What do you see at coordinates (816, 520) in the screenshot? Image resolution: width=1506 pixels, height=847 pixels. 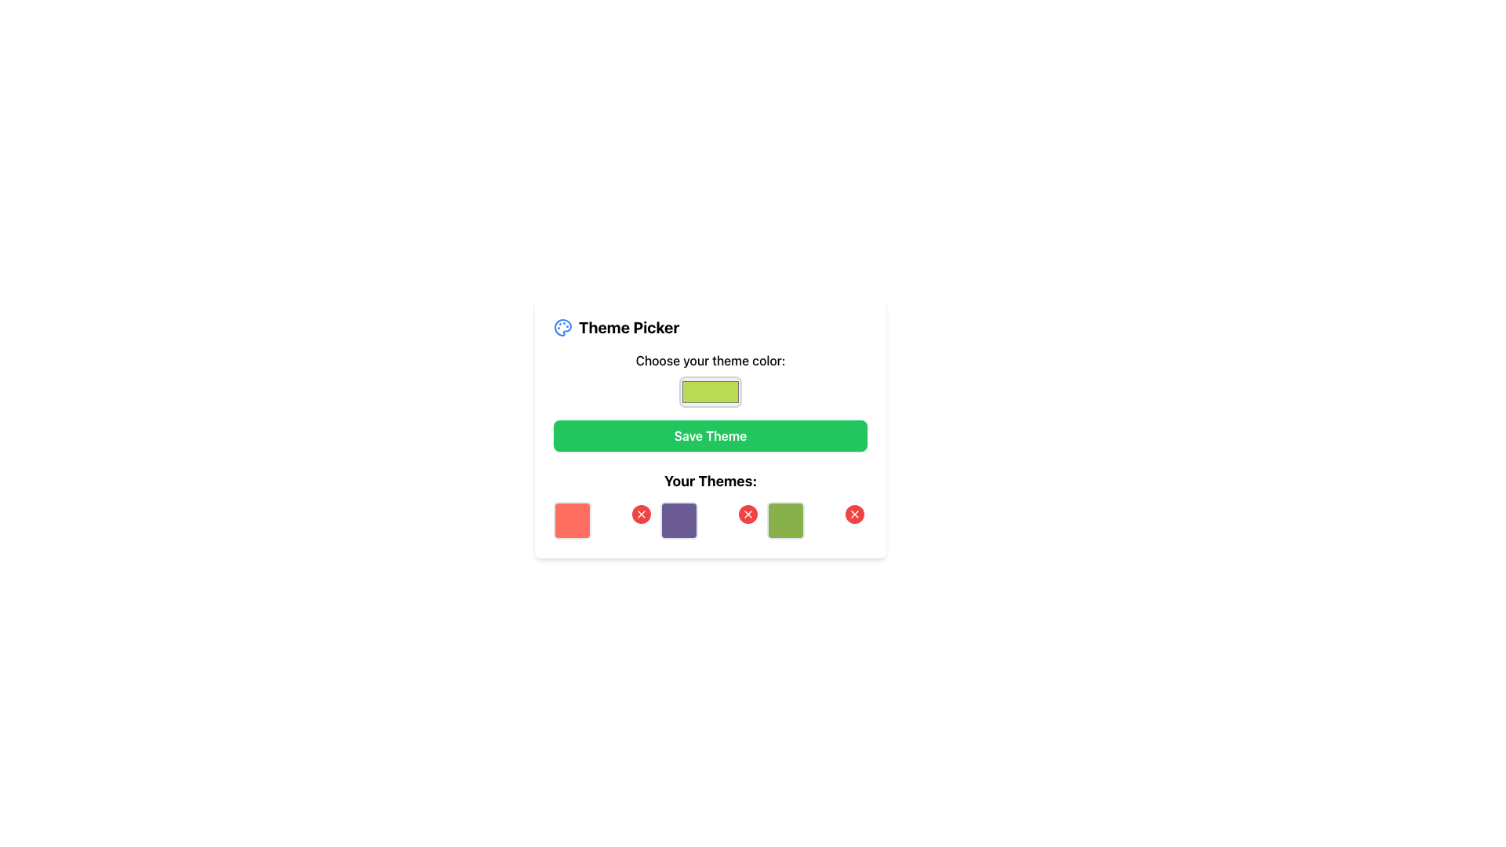 I see `the fourth button-like square representing a saved theme in the 'Your Themes' section to focus on it` at bounding box center [816, 520].